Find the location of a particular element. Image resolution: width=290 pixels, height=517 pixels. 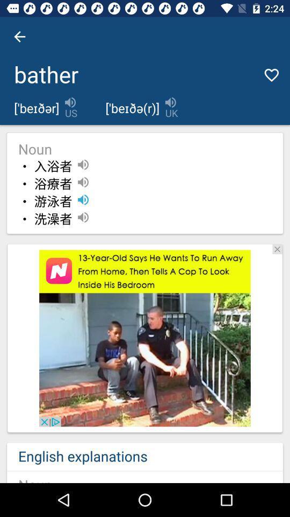

the image is located at coordinates (277, 249).